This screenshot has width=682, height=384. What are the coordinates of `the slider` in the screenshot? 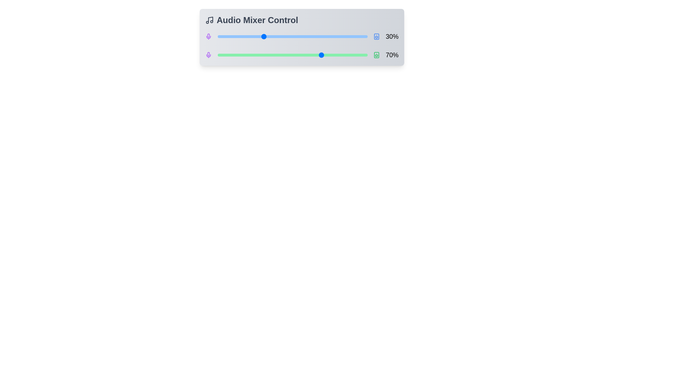 It's located at (301, 37).